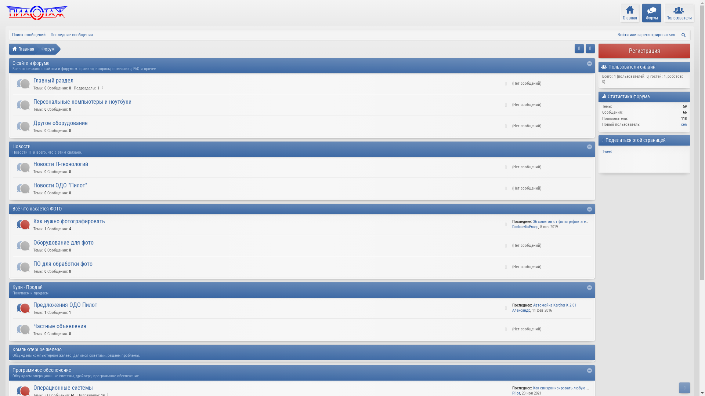  What do you see at coordinates (607, 151) in the screenshot?
I see `'Tweet'` at bounding box center [607, 151].